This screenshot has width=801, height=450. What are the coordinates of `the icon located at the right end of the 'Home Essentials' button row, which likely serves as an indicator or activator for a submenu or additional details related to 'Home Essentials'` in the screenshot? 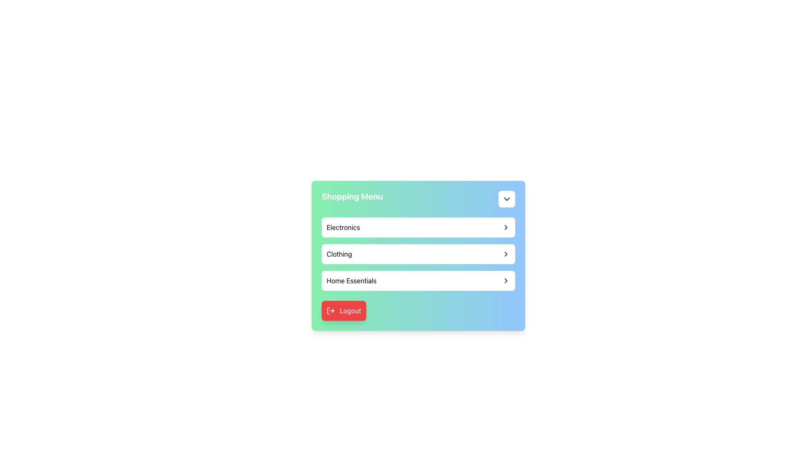 It's located at (506, 281).